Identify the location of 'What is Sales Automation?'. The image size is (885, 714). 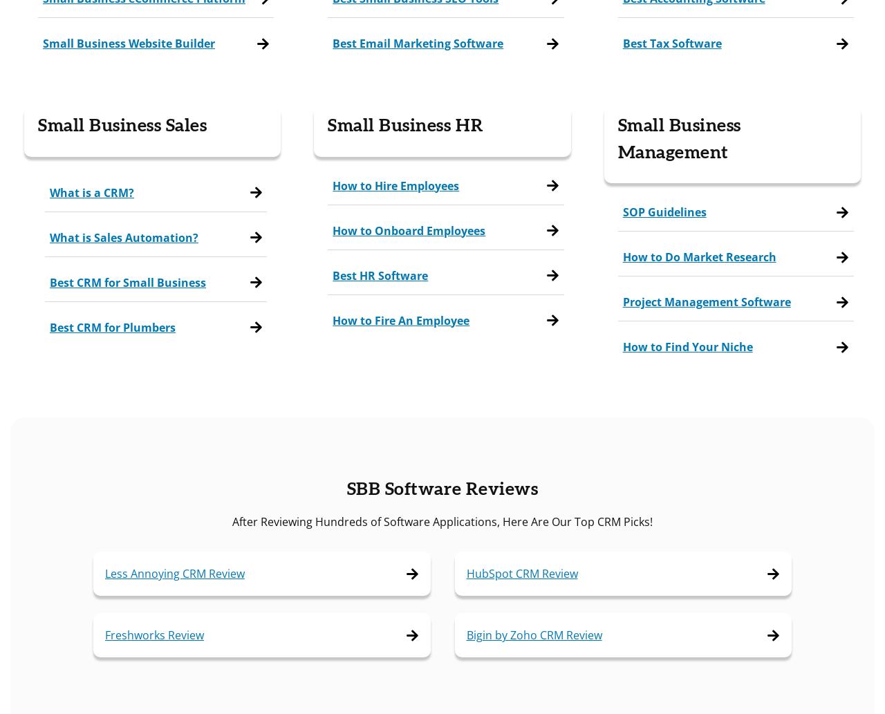
(124, 236).